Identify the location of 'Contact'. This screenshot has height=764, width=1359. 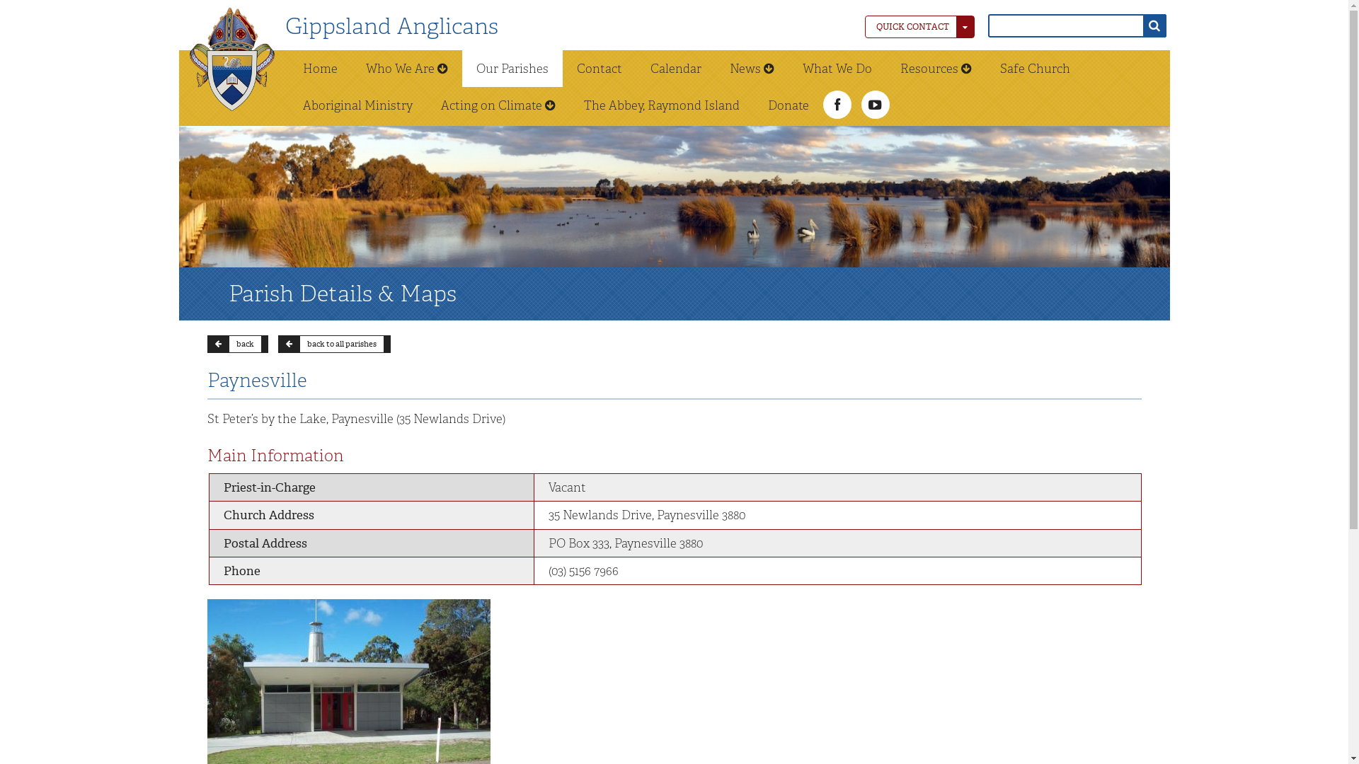
(561, 68).